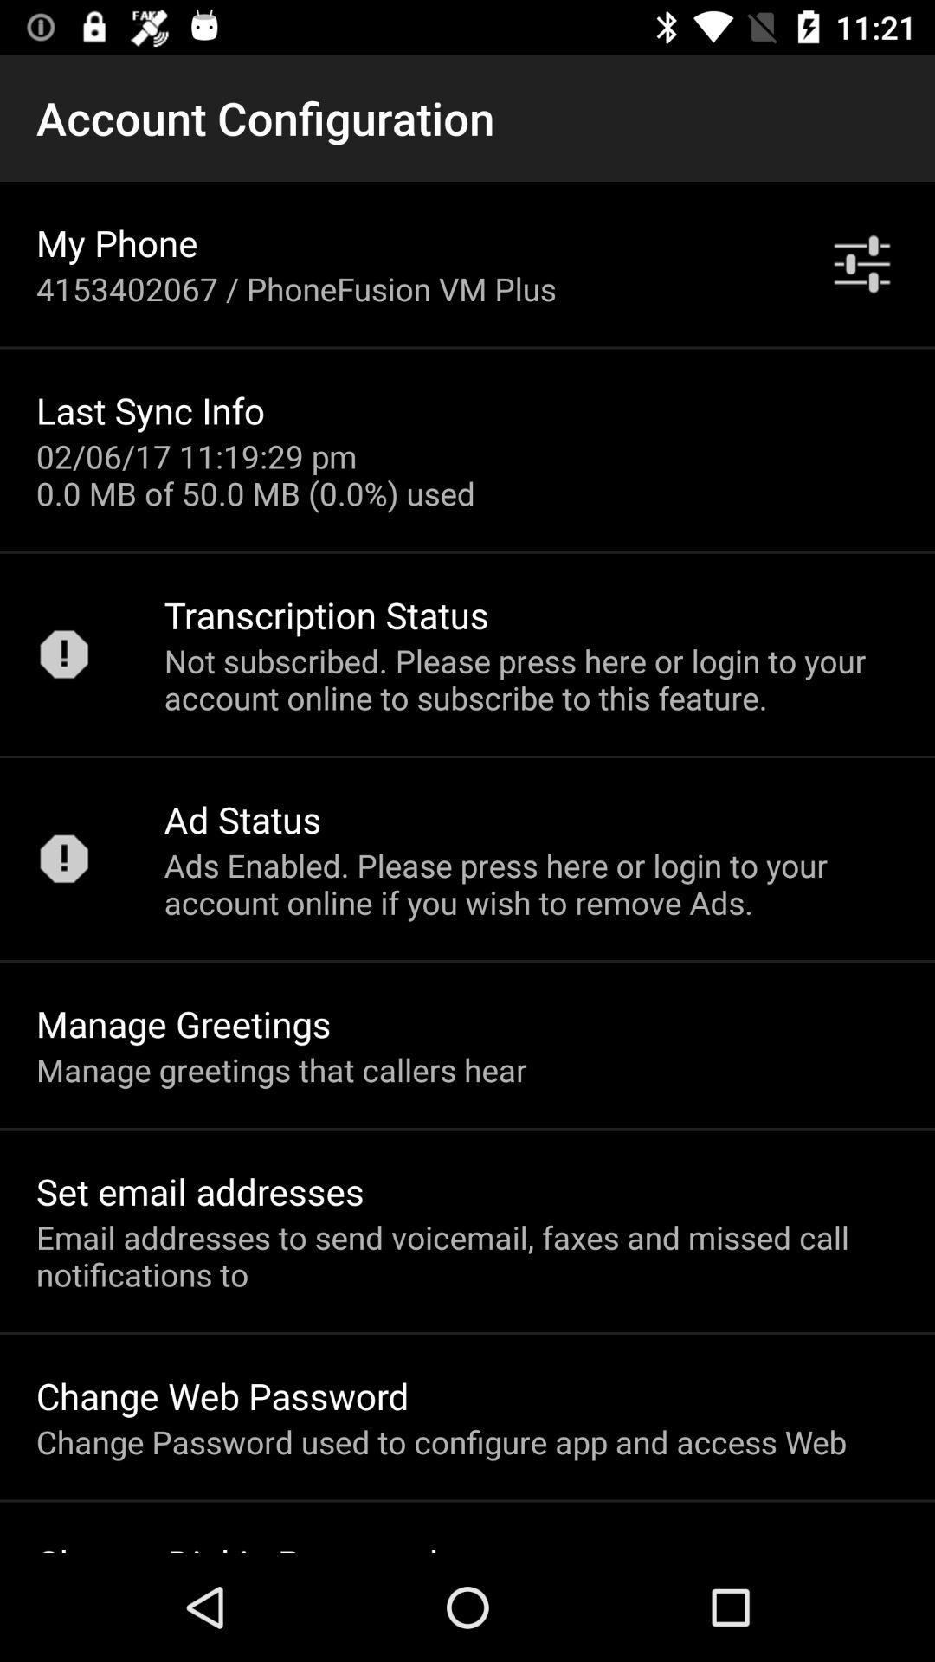 This screenshot has width=935, height=1662. What do you see at coordinates (237, 1545) in the screenshot?
I see `the change dial in` at bounding box center [237, 1545].